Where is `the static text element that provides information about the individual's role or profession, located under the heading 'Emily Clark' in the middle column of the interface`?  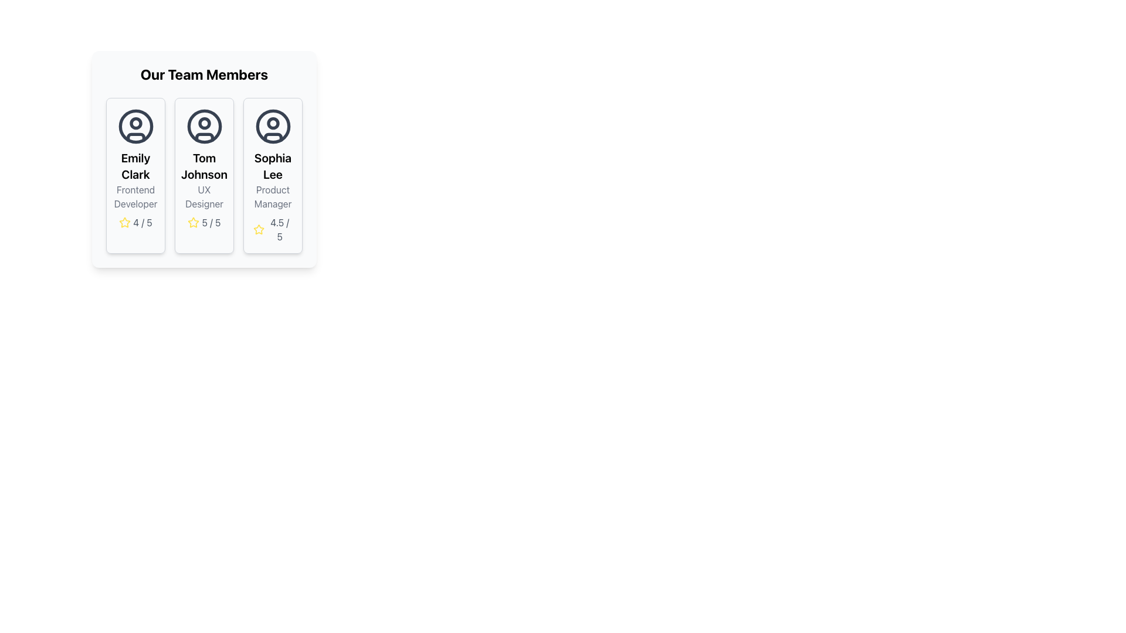 the static text element that provides information about the individual's role or profession, located under the heading 'Emily Clark' in the middle column of the interface is located at coordinates (135, 196).